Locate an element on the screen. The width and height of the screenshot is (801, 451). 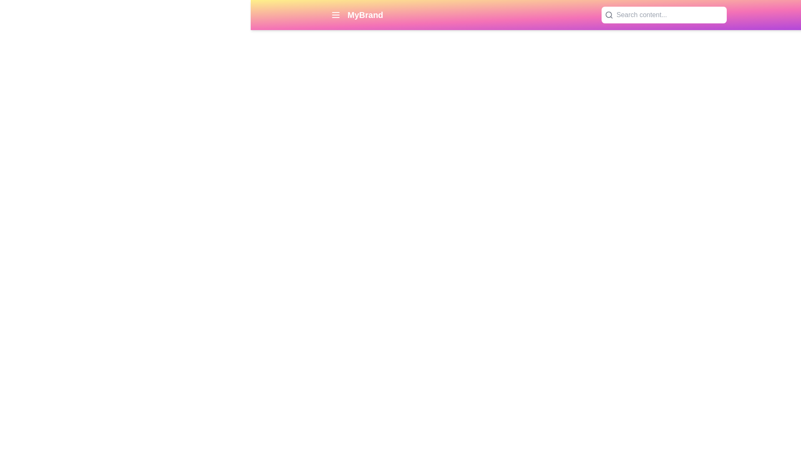
the menu icon to toggle the menu visibility is located at coordinates (336, 15).